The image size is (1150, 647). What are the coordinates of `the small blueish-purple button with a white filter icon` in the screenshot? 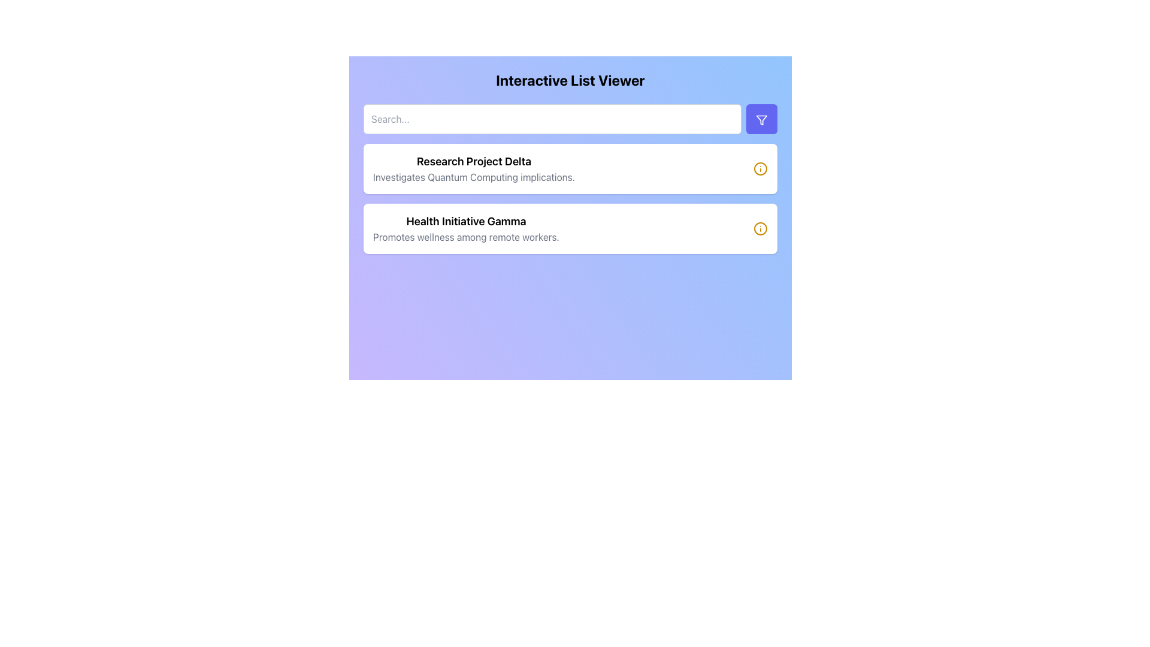 It's located at (761, 119).